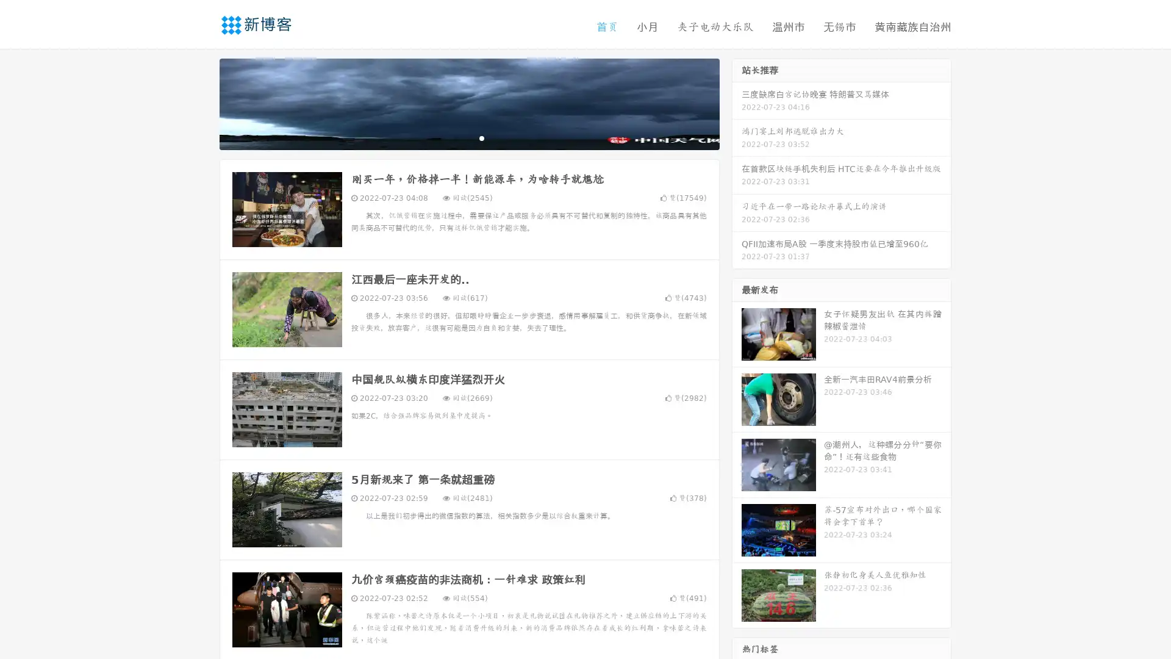  What do you see at coordinates (456, 137) in the screenshot?
I see `Go to slide 1` at bounding box center [456, 137].